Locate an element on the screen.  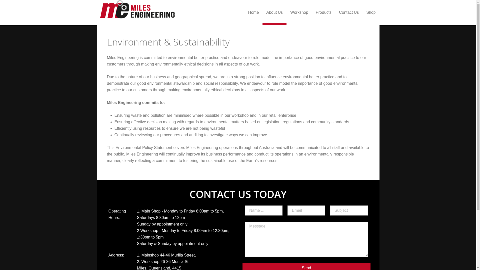
'Home' is located at coordinates (253, 12).